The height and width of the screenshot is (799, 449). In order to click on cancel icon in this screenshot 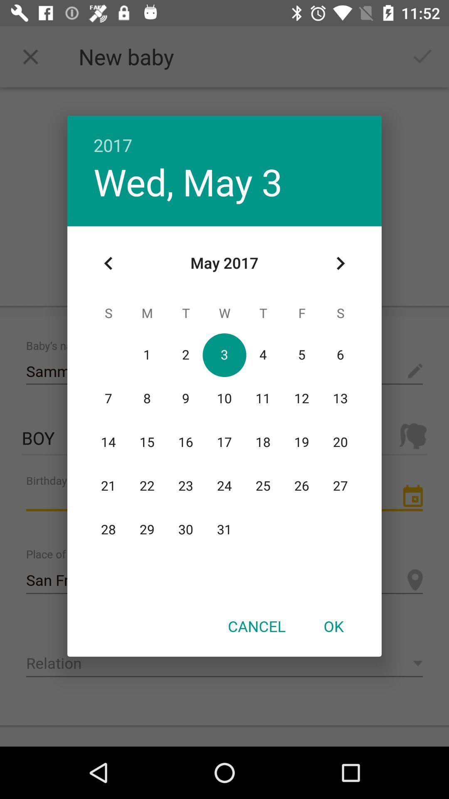, I will do `click(256, 626)`.